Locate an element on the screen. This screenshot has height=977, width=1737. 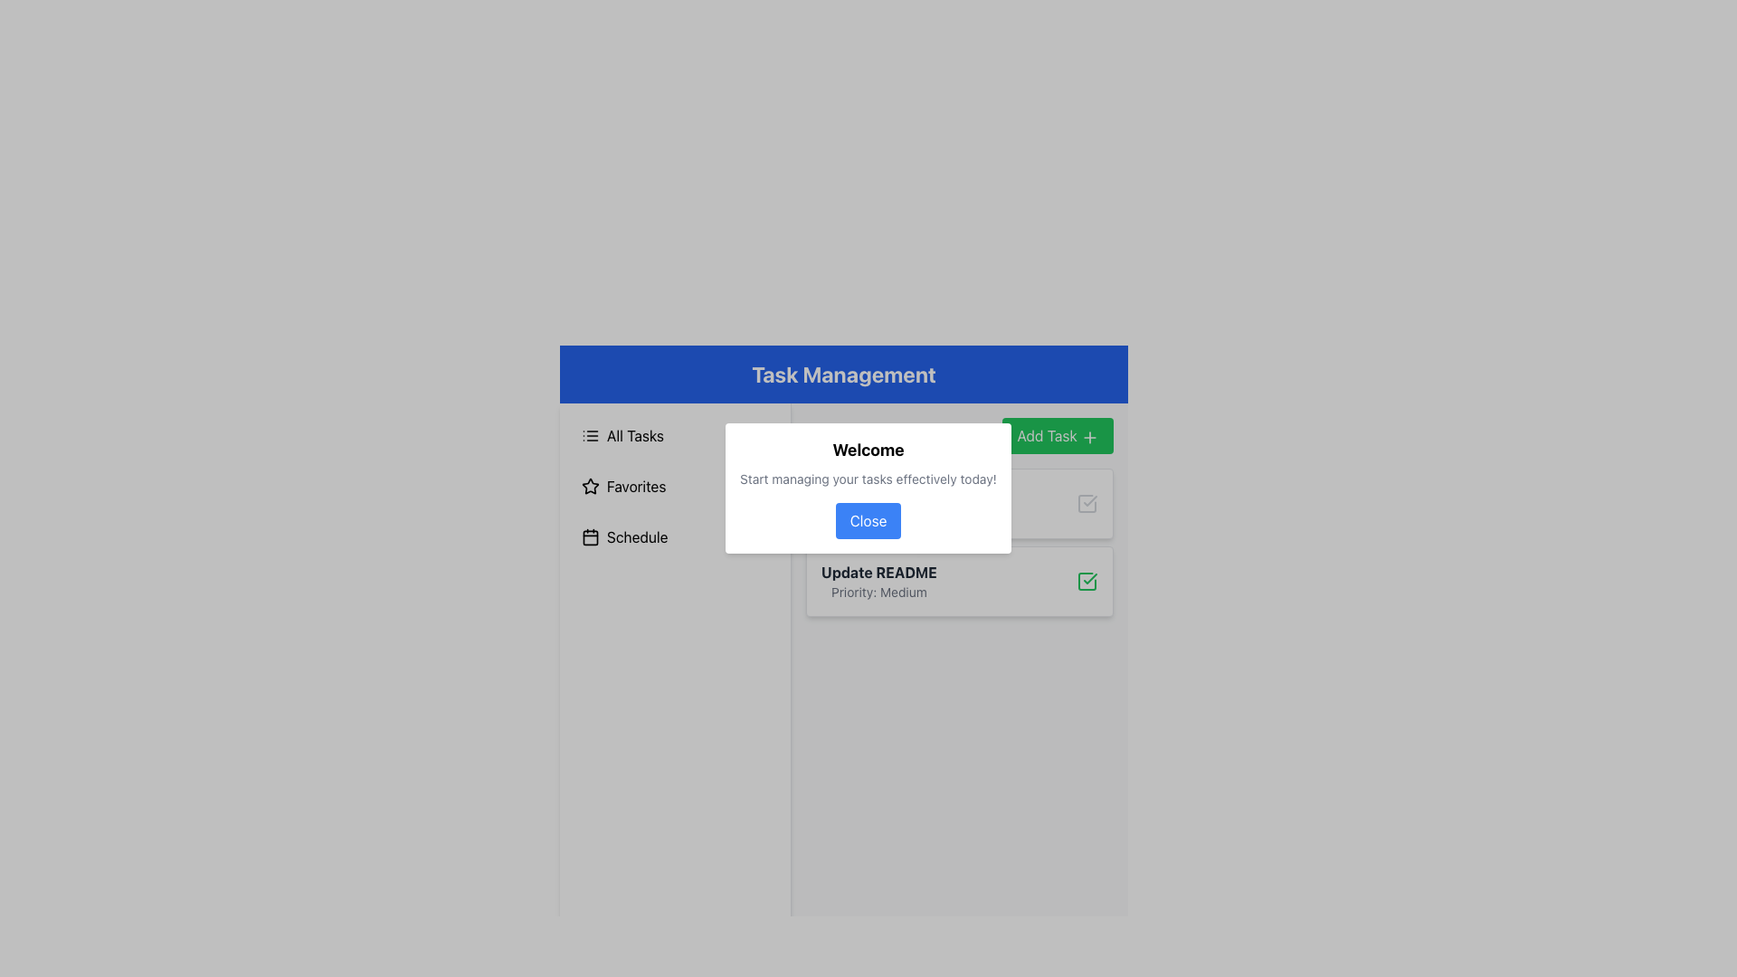
the list icon located to the left of the 'All Tasks' text in the navigation menu is located at coordinates (590, 436).